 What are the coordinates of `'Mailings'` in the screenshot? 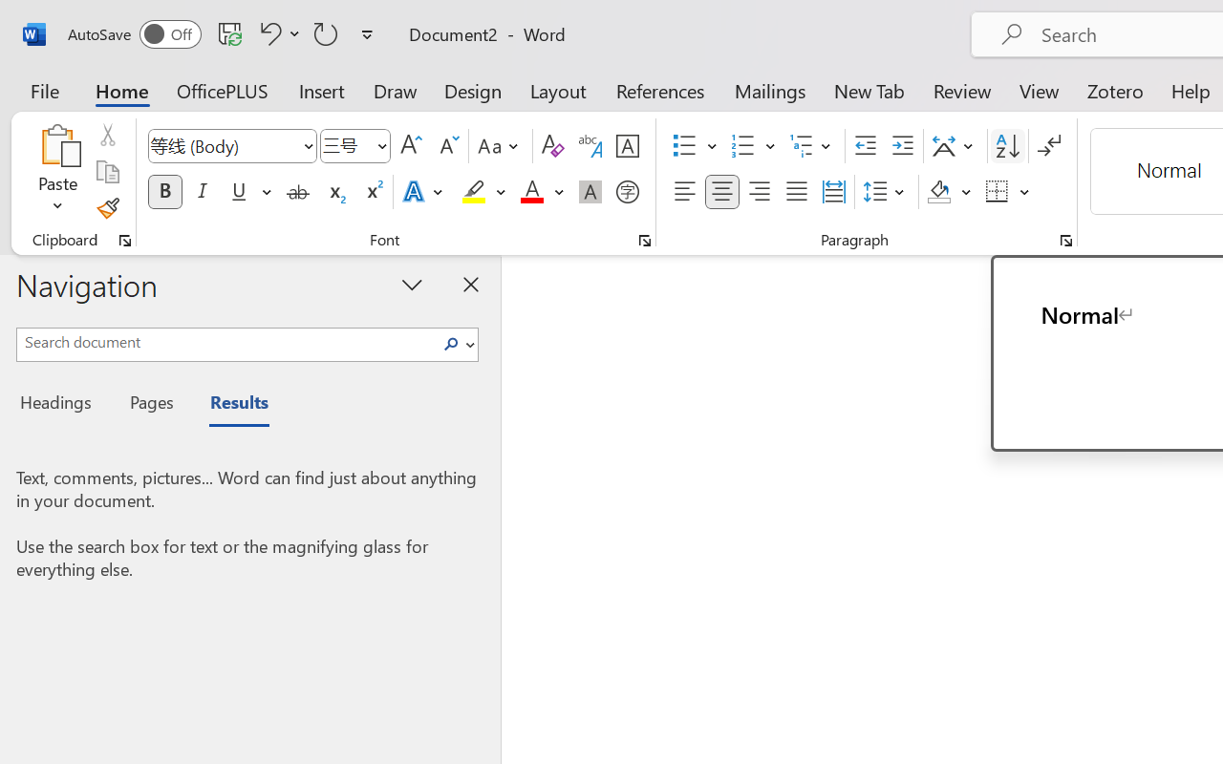 It's located at (770, 90).